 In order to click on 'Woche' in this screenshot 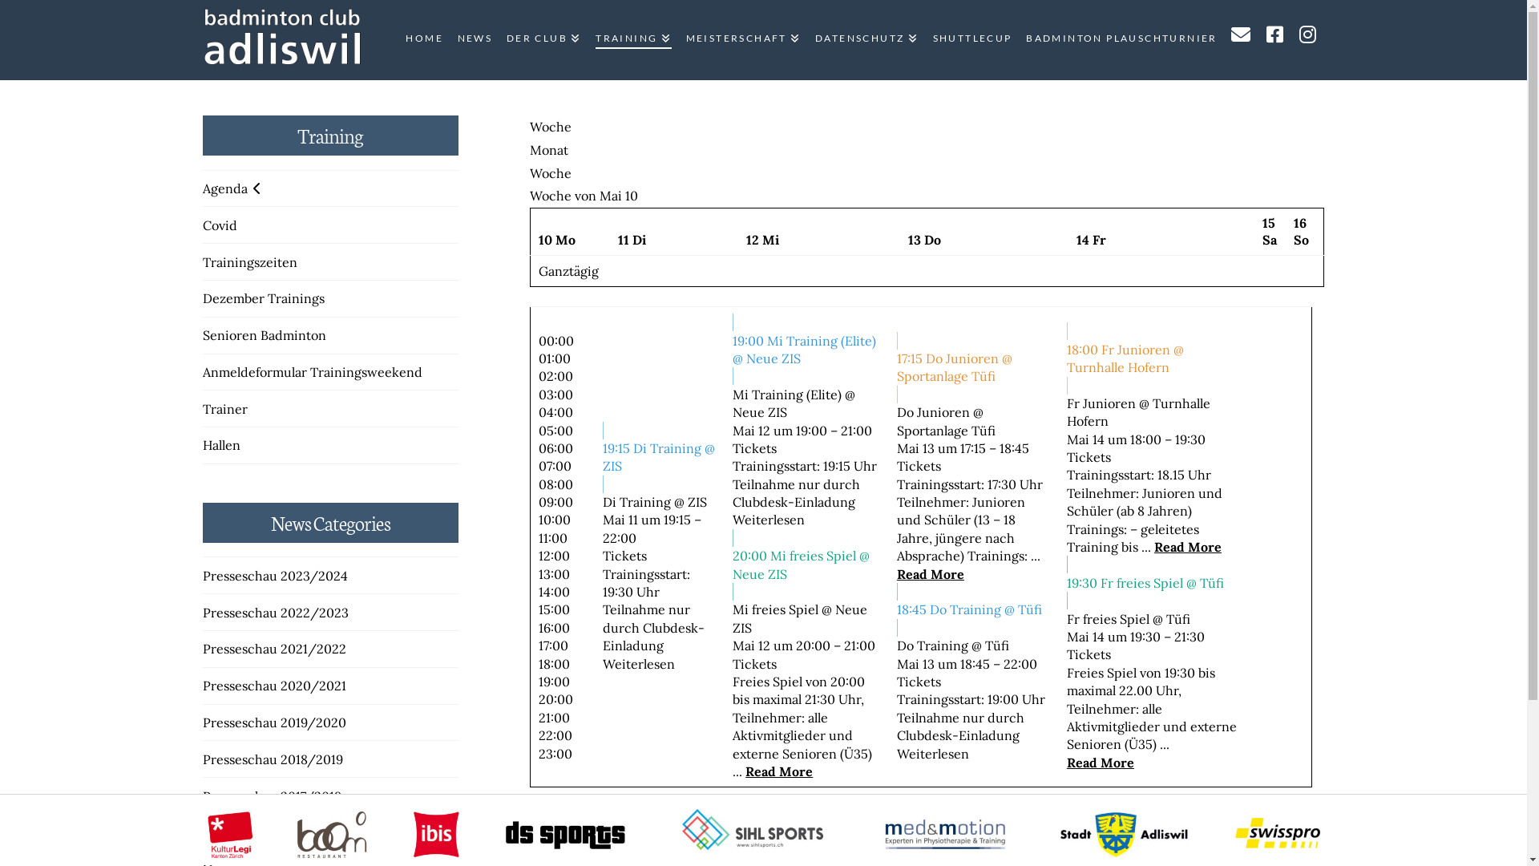, I will do `click(550, 126)`.